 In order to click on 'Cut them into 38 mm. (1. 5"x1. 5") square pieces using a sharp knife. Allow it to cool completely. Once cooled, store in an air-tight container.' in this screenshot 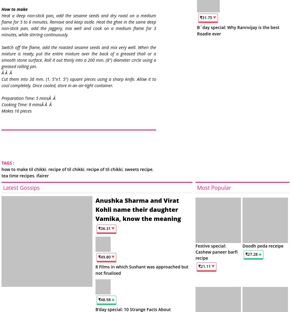, I will do `click(78, 82)`.